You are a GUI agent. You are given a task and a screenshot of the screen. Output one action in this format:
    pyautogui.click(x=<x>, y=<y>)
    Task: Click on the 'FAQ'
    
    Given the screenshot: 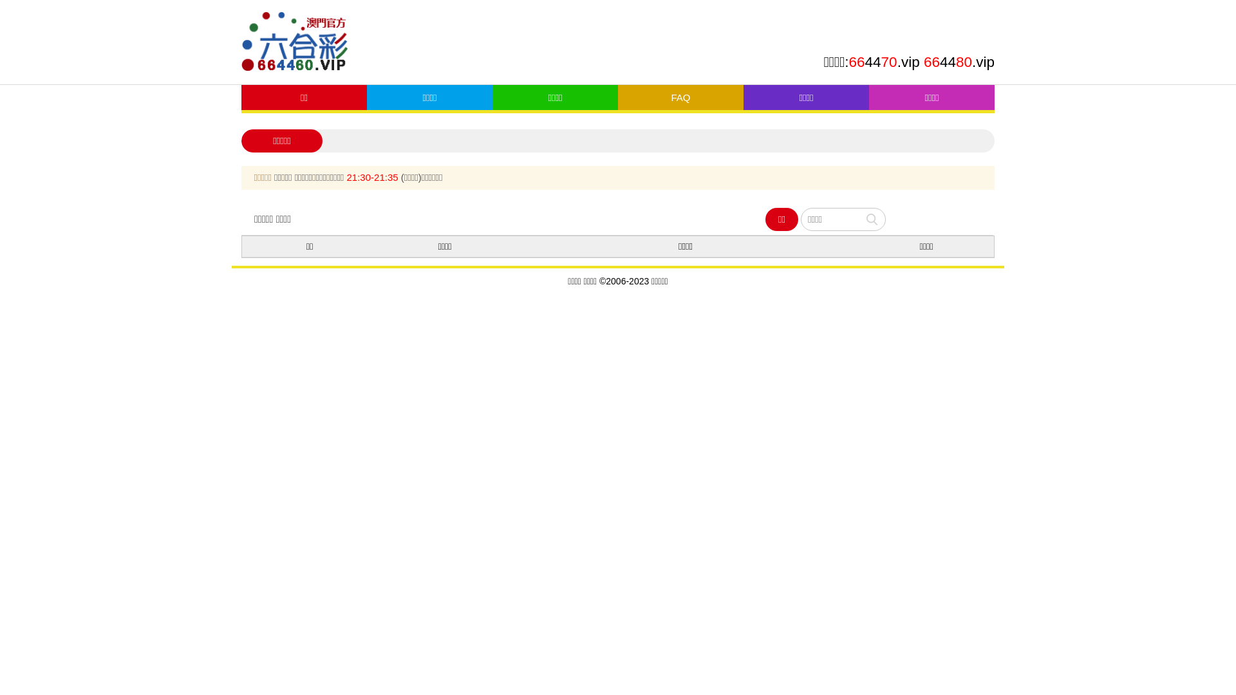 What is the action you would take?
    pyautogui.click(x=680, y=97)
    